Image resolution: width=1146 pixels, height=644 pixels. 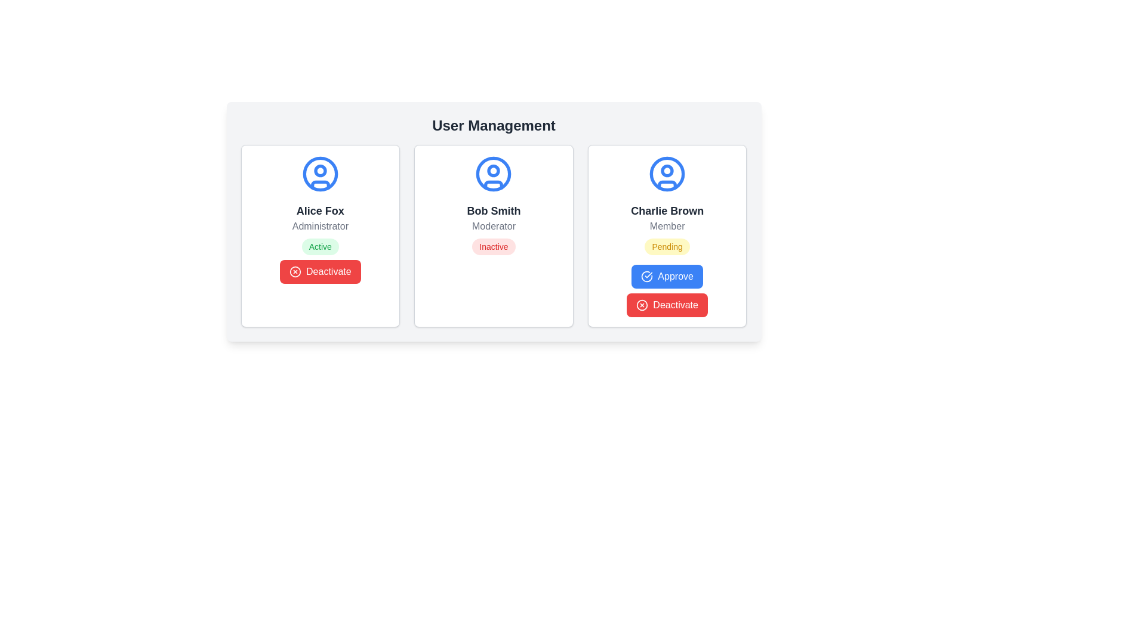 What do you see at coordinates (642, 305) in the screenshot?
I see `the visual indicator icon for the 'Deactivate' button associated with user 'Charlie Brown'` at bounding box center [642, 305].